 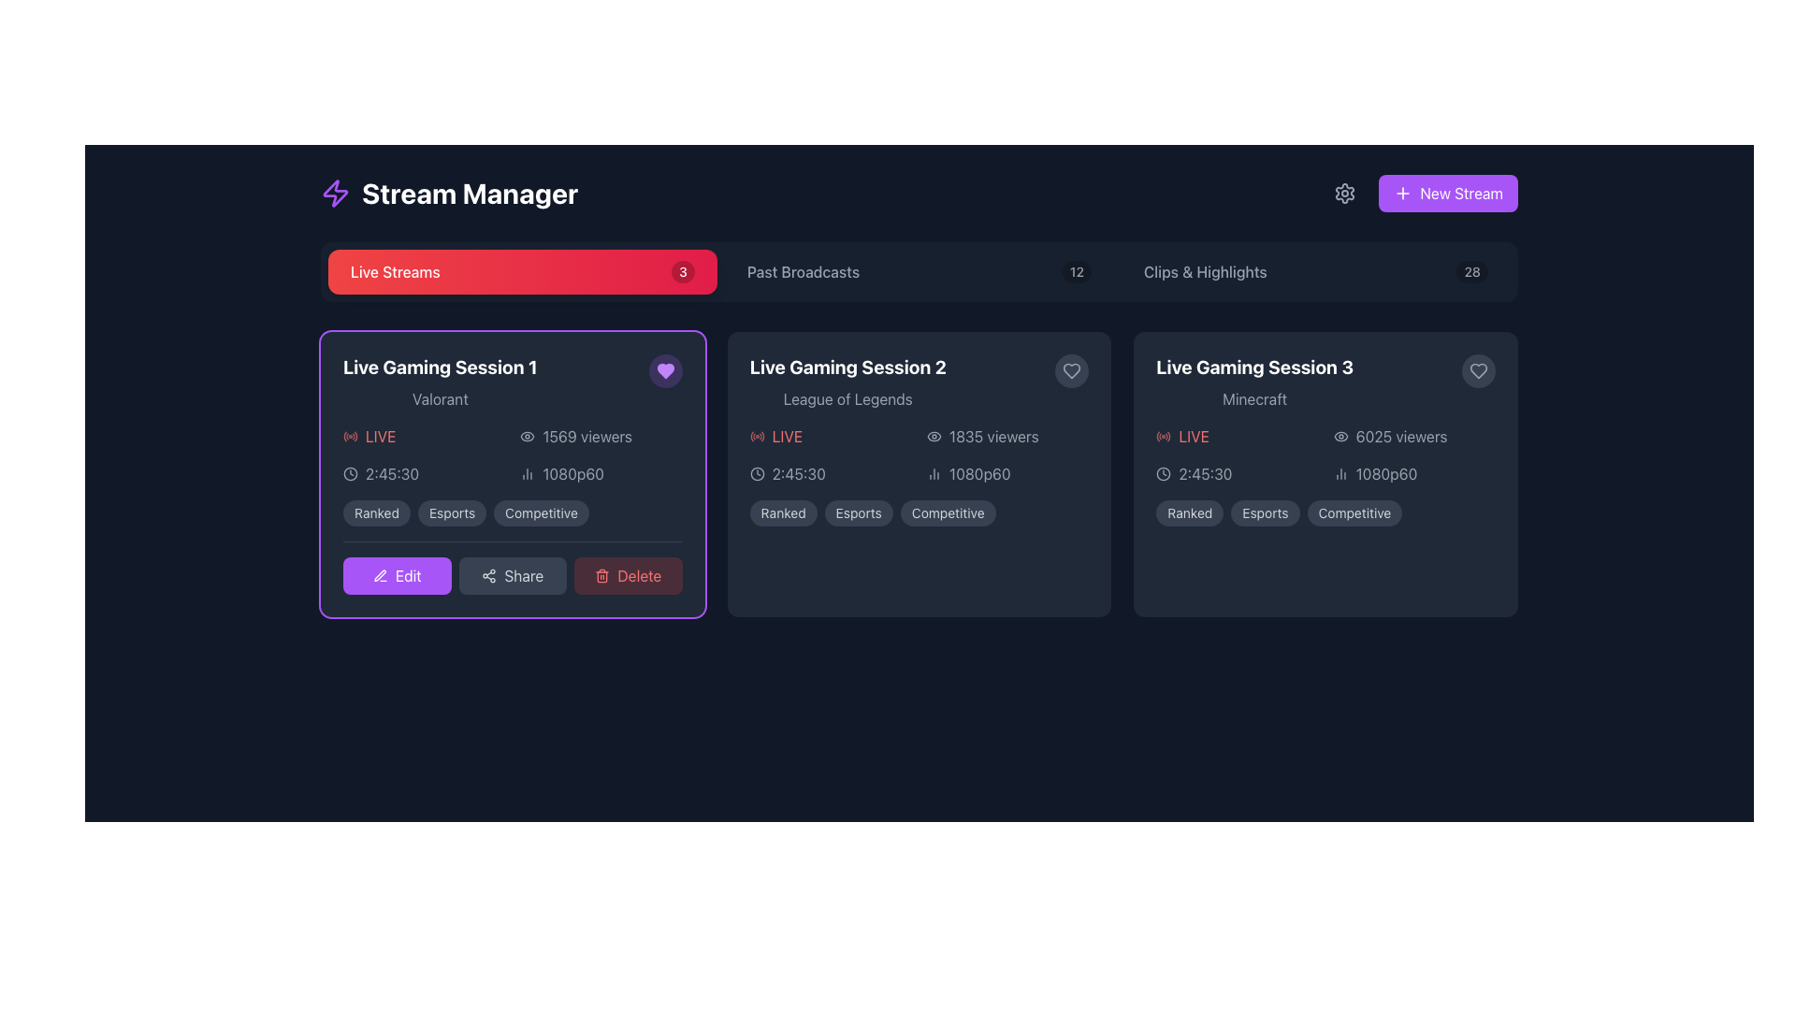 I want to click on the 'Share' button, which is a dark gray rectangular button with rounded corners, displaying light gray text and a share icon, located in the middle of three horizontally aligned buttons at the bottom of the 'Live Gaming Session 1' card, so click(x=512, y=575).